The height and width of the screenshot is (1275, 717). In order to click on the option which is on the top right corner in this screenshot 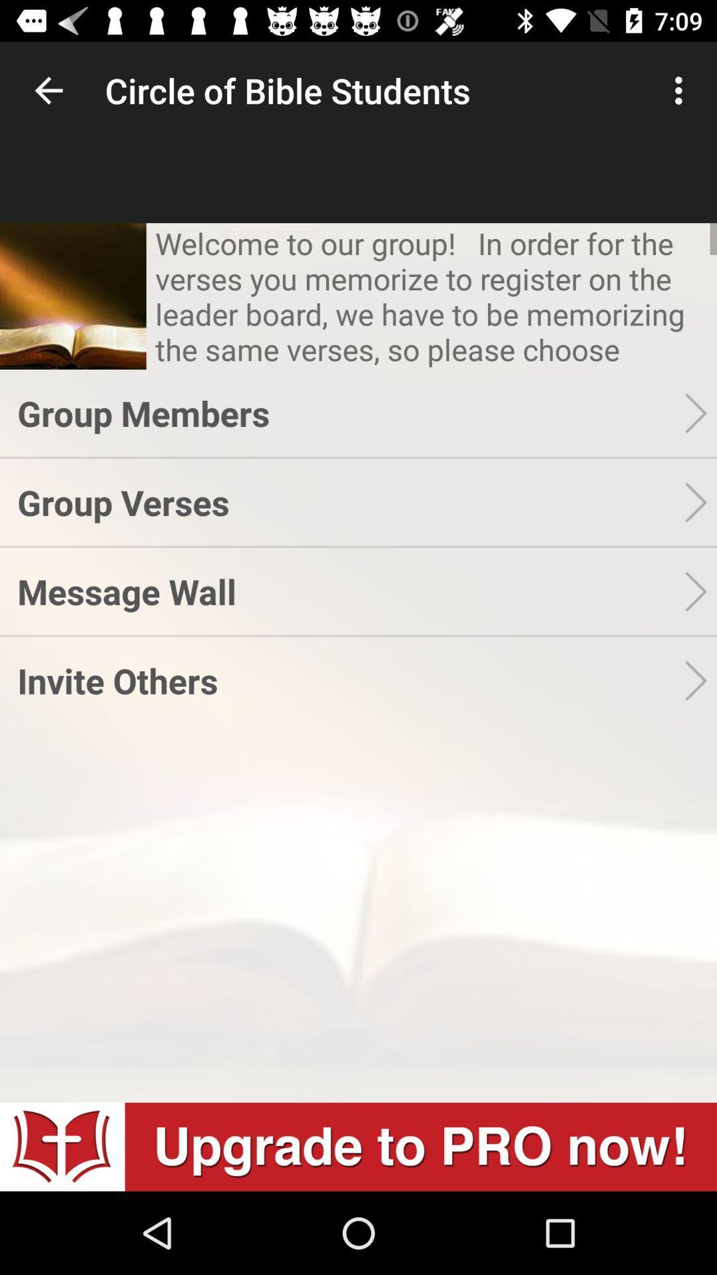, I will do `click(682, 90)`.